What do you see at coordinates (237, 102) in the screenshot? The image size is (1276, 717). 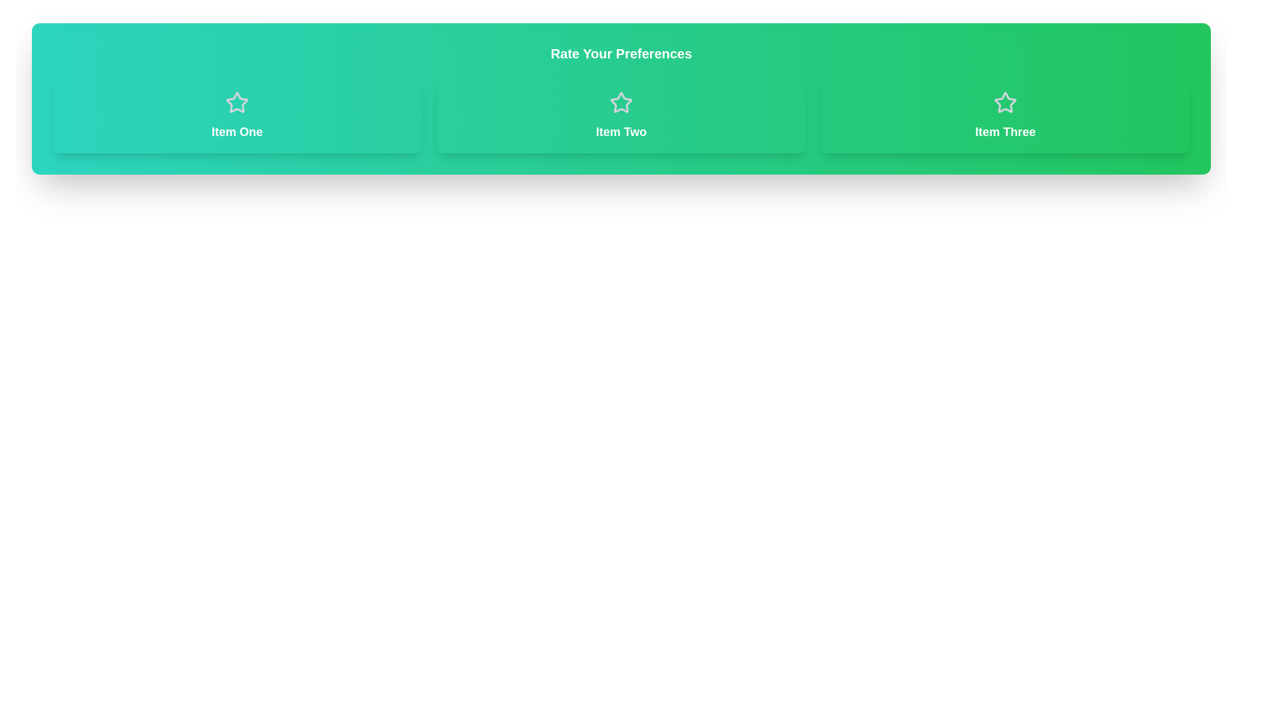 I see `the star icon for Item One` at bounding box center [237, 102].